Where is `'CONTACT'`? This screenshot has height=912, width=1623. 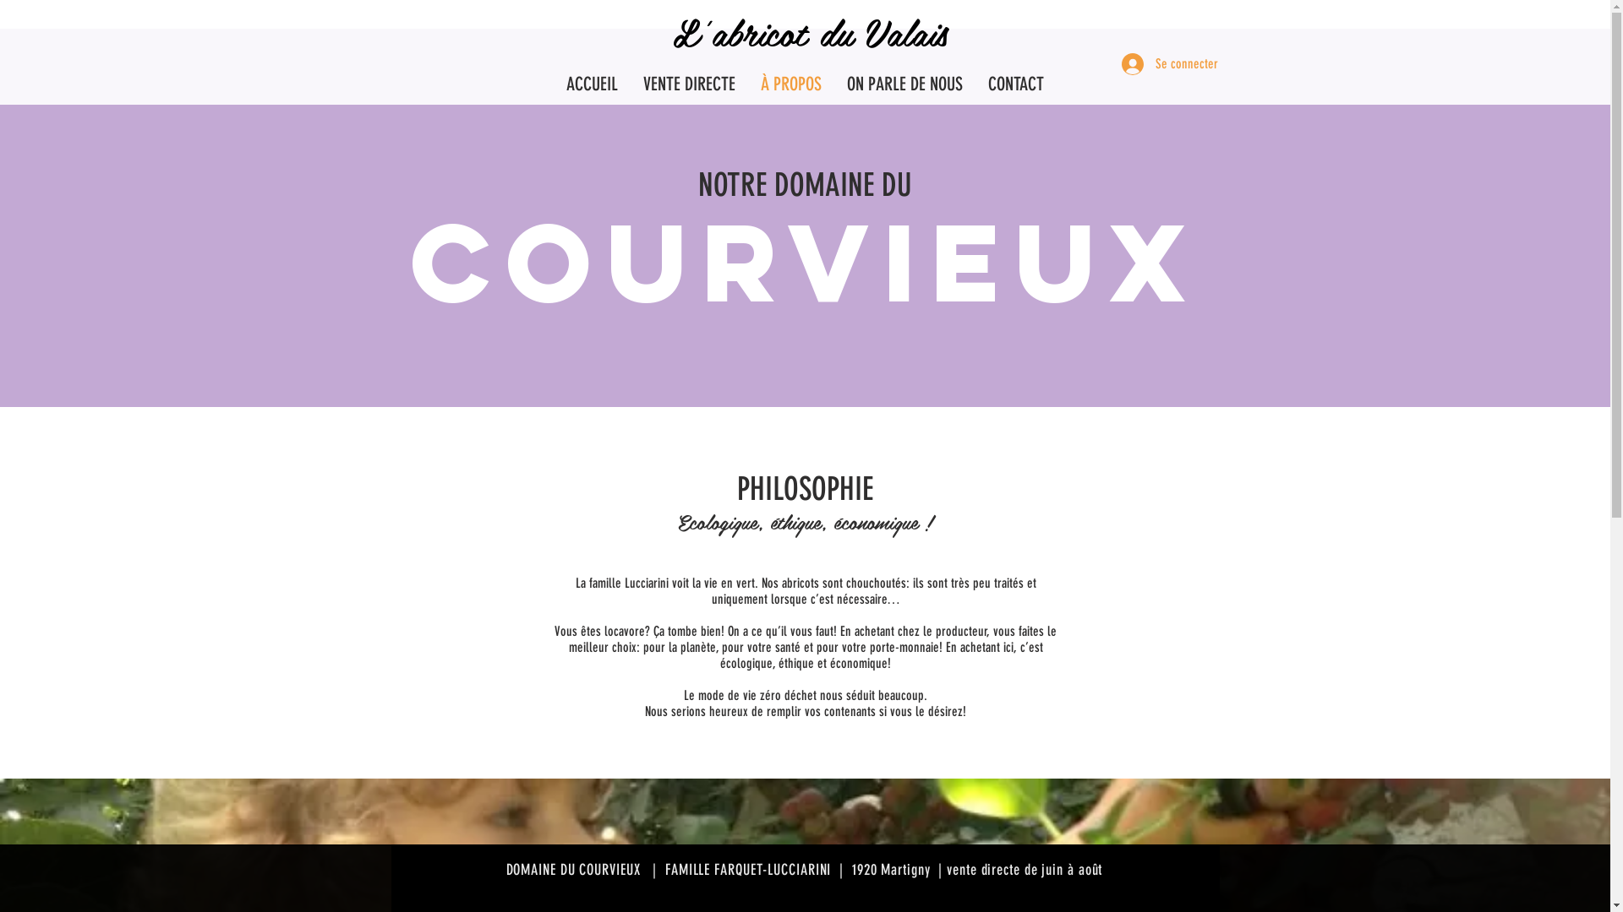
'CONTACT' is located at coordinates (1014, 84).